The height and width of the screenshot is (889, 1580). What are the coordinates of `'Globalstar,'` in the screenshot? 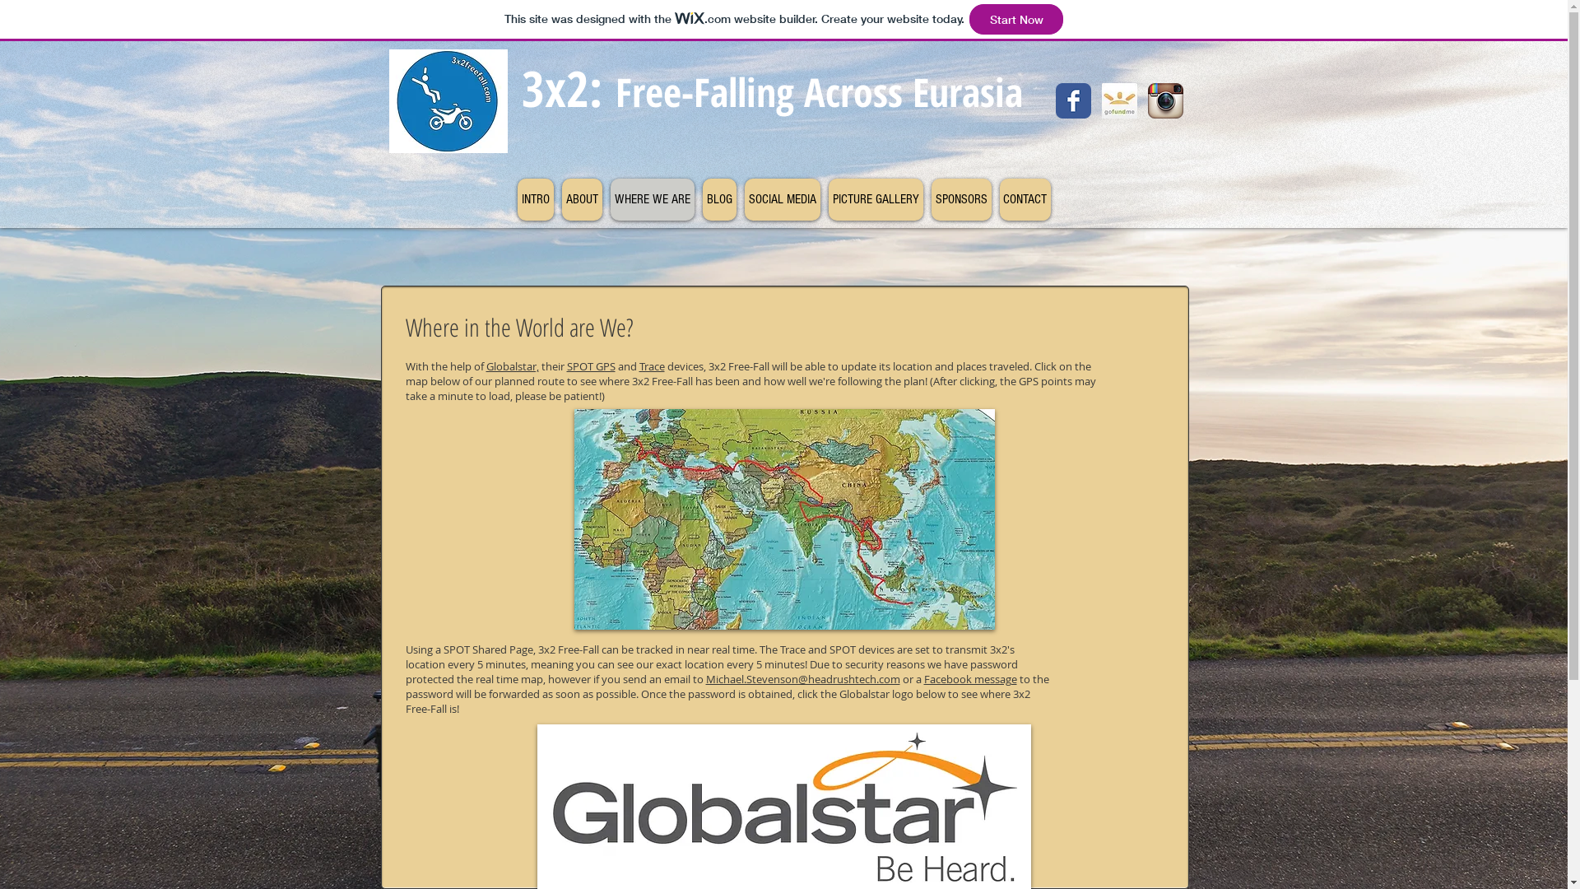 It's located at (511, 365).